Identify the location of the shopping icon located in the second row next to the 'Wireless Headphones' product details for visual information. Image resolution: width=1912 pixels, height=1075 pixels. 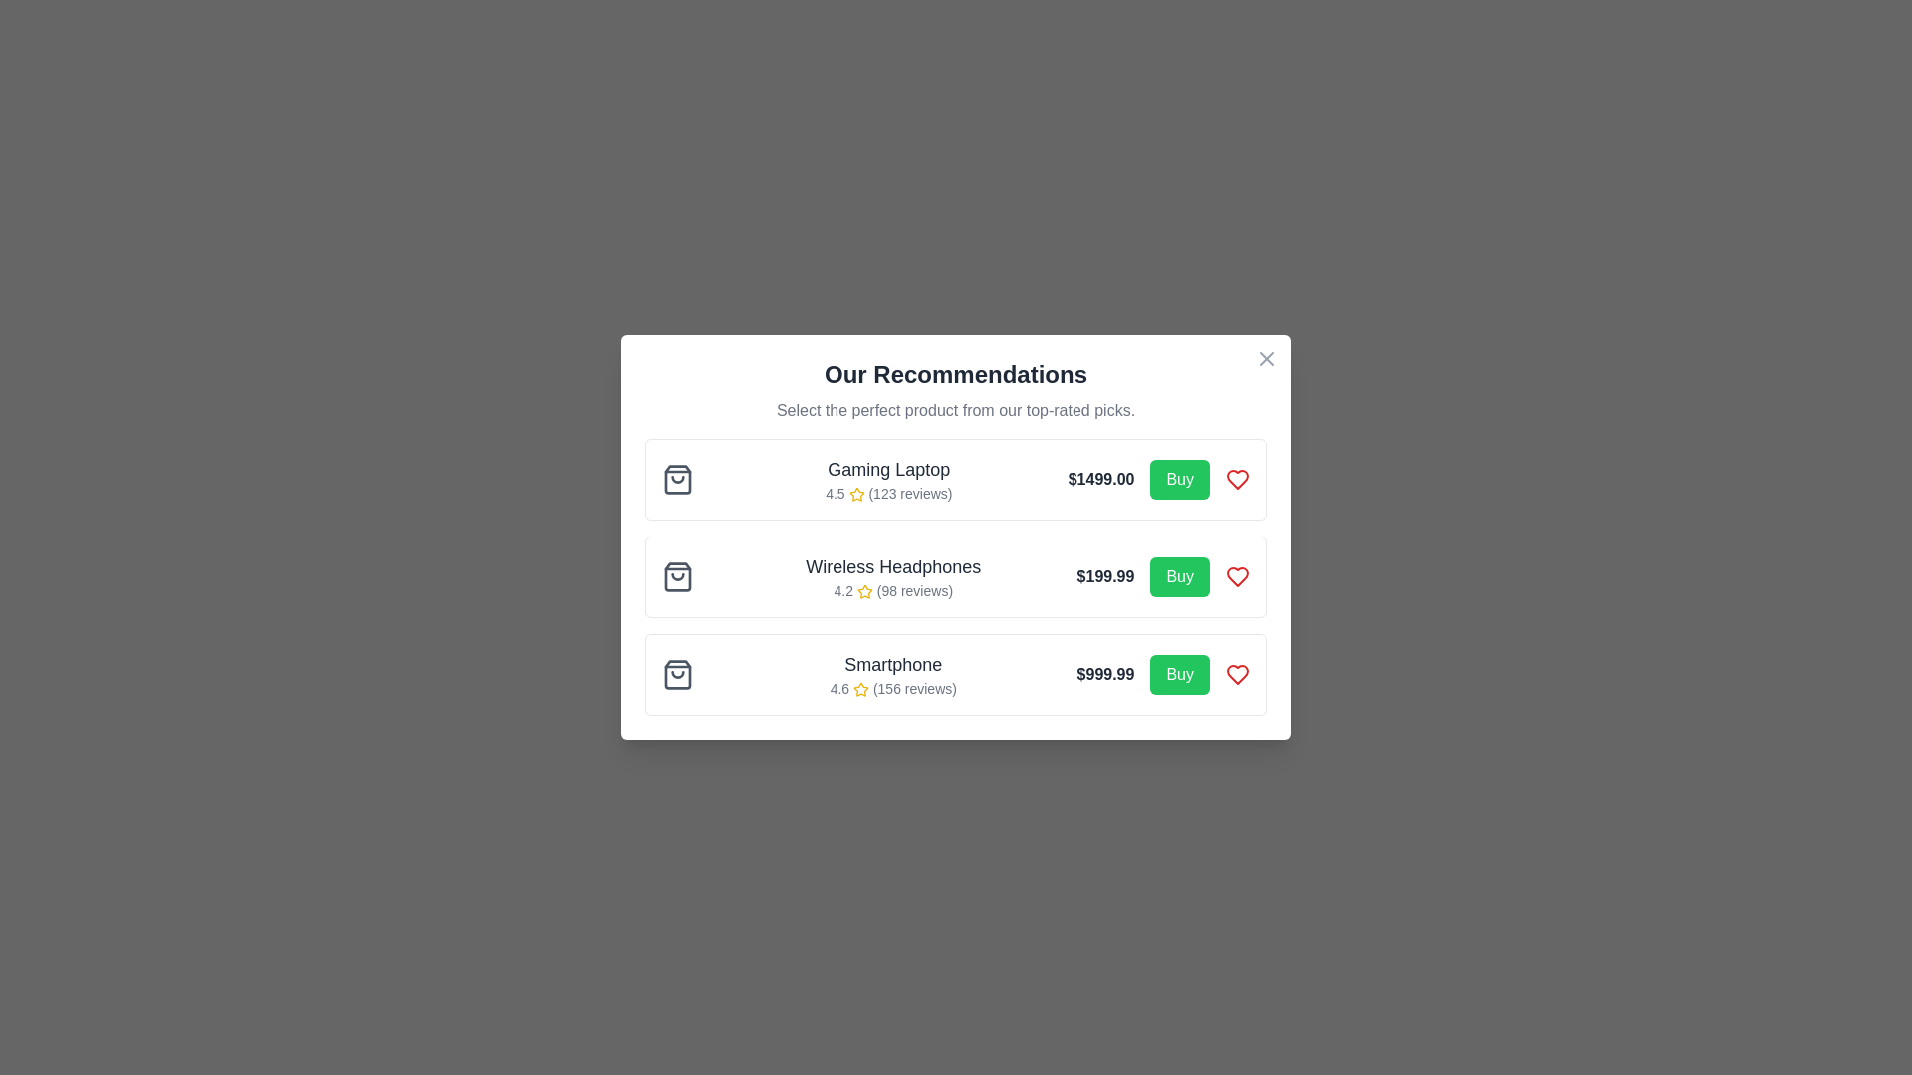
(678, 576).